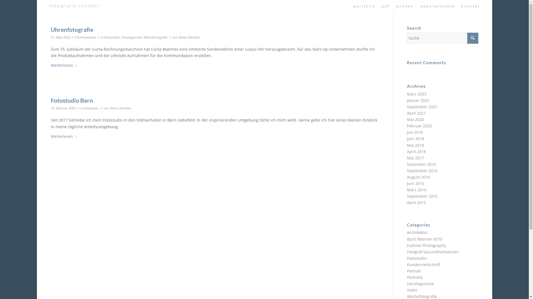  Describe the element at coordinates (71, 29) in the screenshot. I see `'Uhrenfotografie'` at that location.